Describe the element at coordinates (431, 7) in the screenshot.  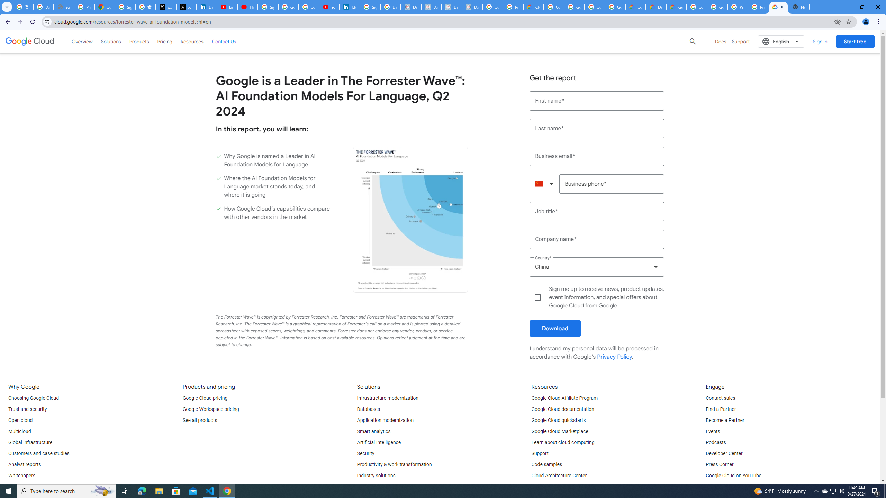
I see `'Data Privacy Framework'` at that location.